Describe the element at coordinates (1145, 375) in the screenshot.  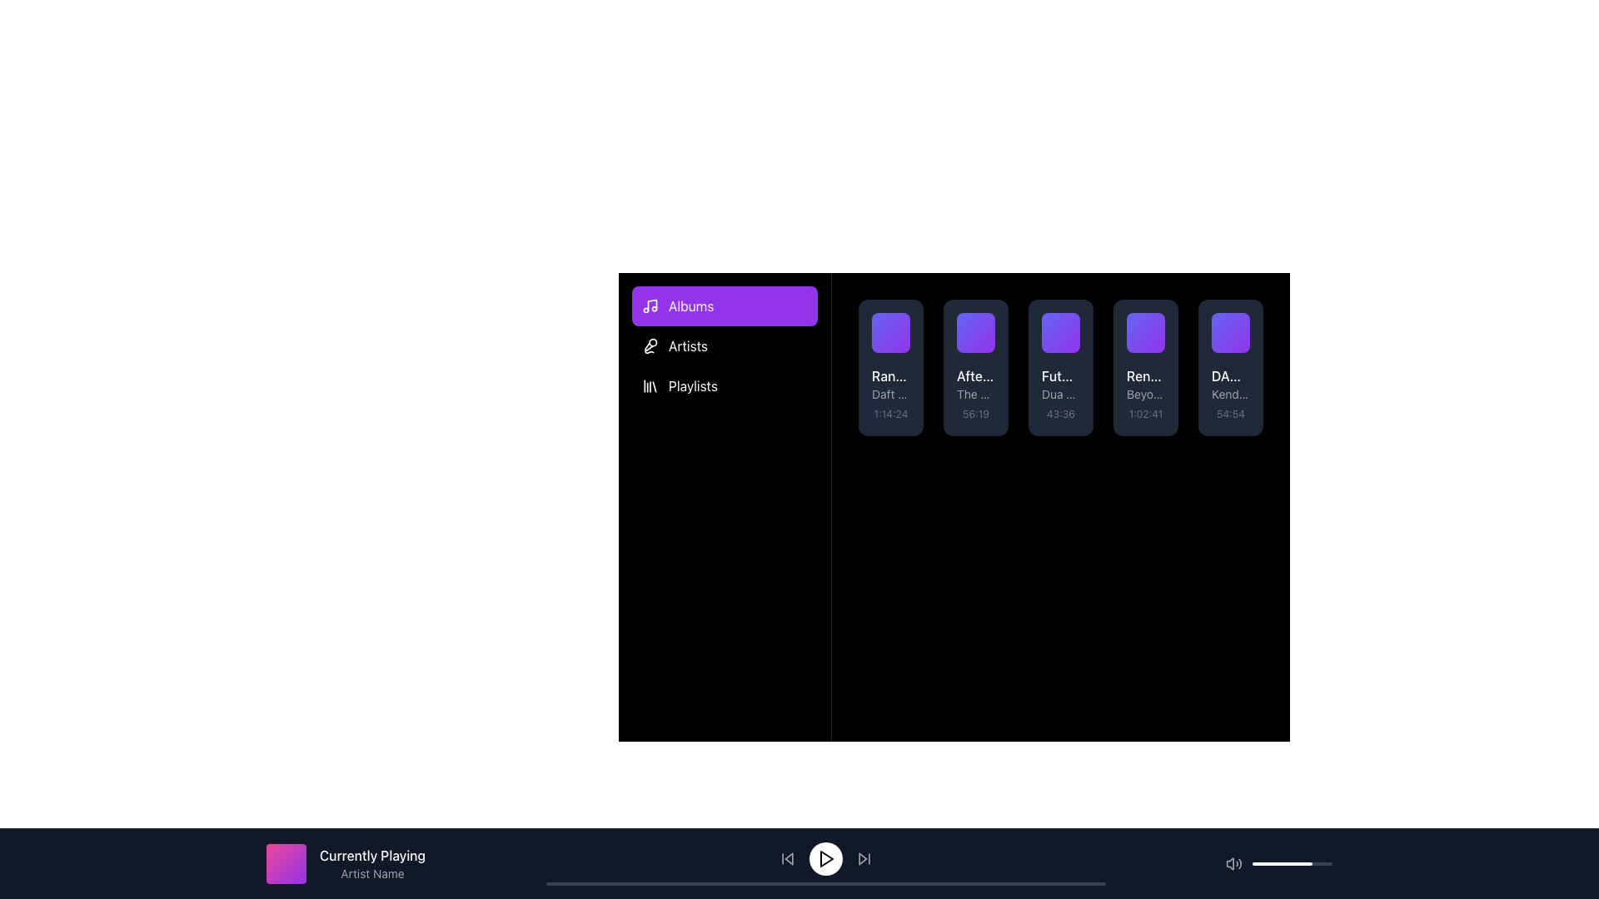
I see `text content of the label displaying 'Renaissance', which is styled in white font and positioned within a card layout above the text 'Beyoncé'` at that location.